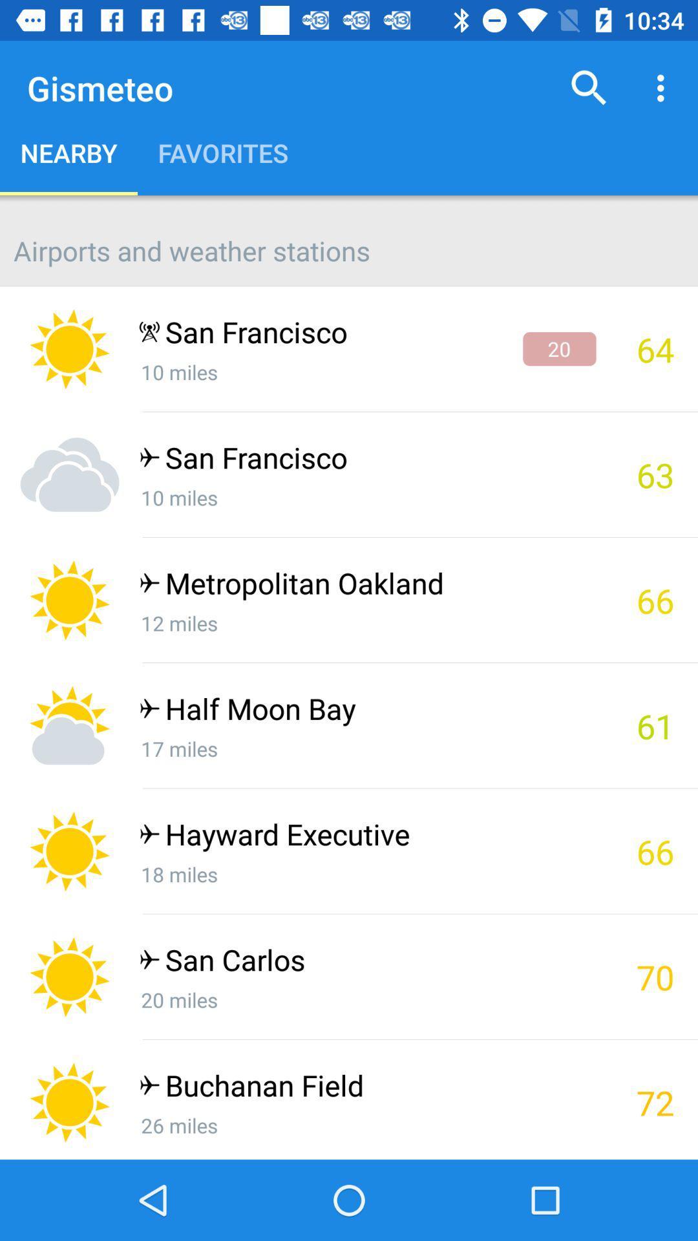 The image size is (698, 1241). I want to click on metropolitan oakland icon, so click(367, 586).